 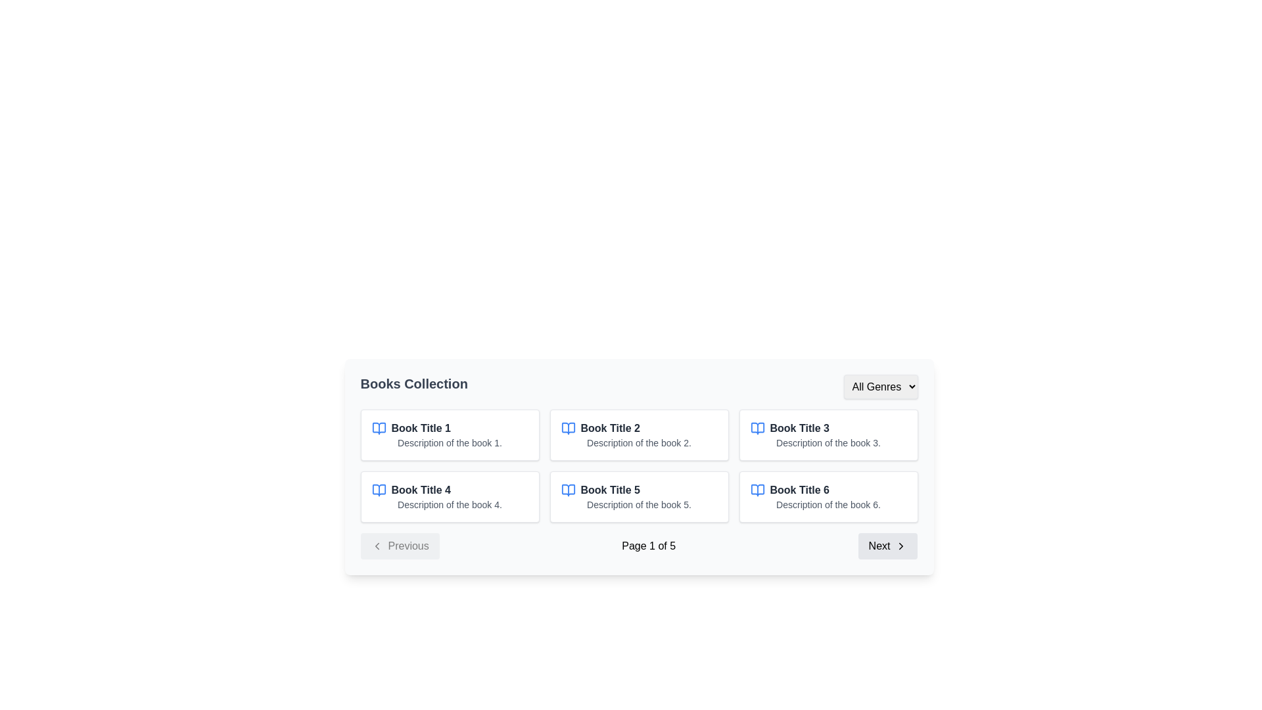 I want to click on the 'Book Title 5' text element with the accompanying blue book icon, so click(x=639, y=490).